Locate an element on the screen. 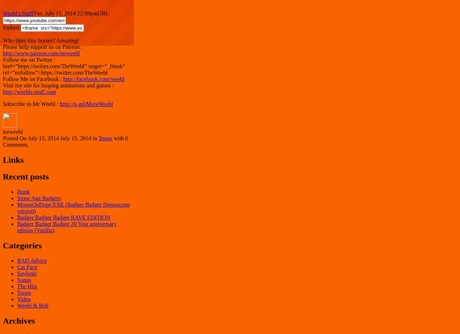  'Archives' is located at coordinates (19, 320).